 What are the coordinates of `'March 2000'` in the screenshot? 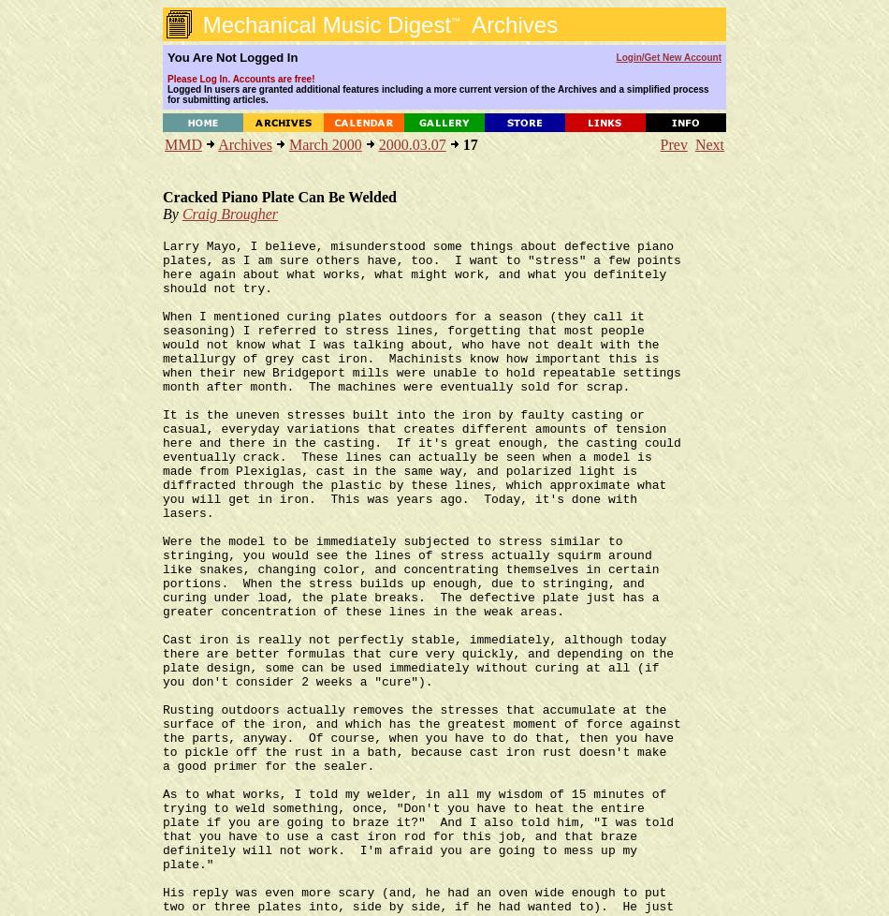 It's located at (324, 144).